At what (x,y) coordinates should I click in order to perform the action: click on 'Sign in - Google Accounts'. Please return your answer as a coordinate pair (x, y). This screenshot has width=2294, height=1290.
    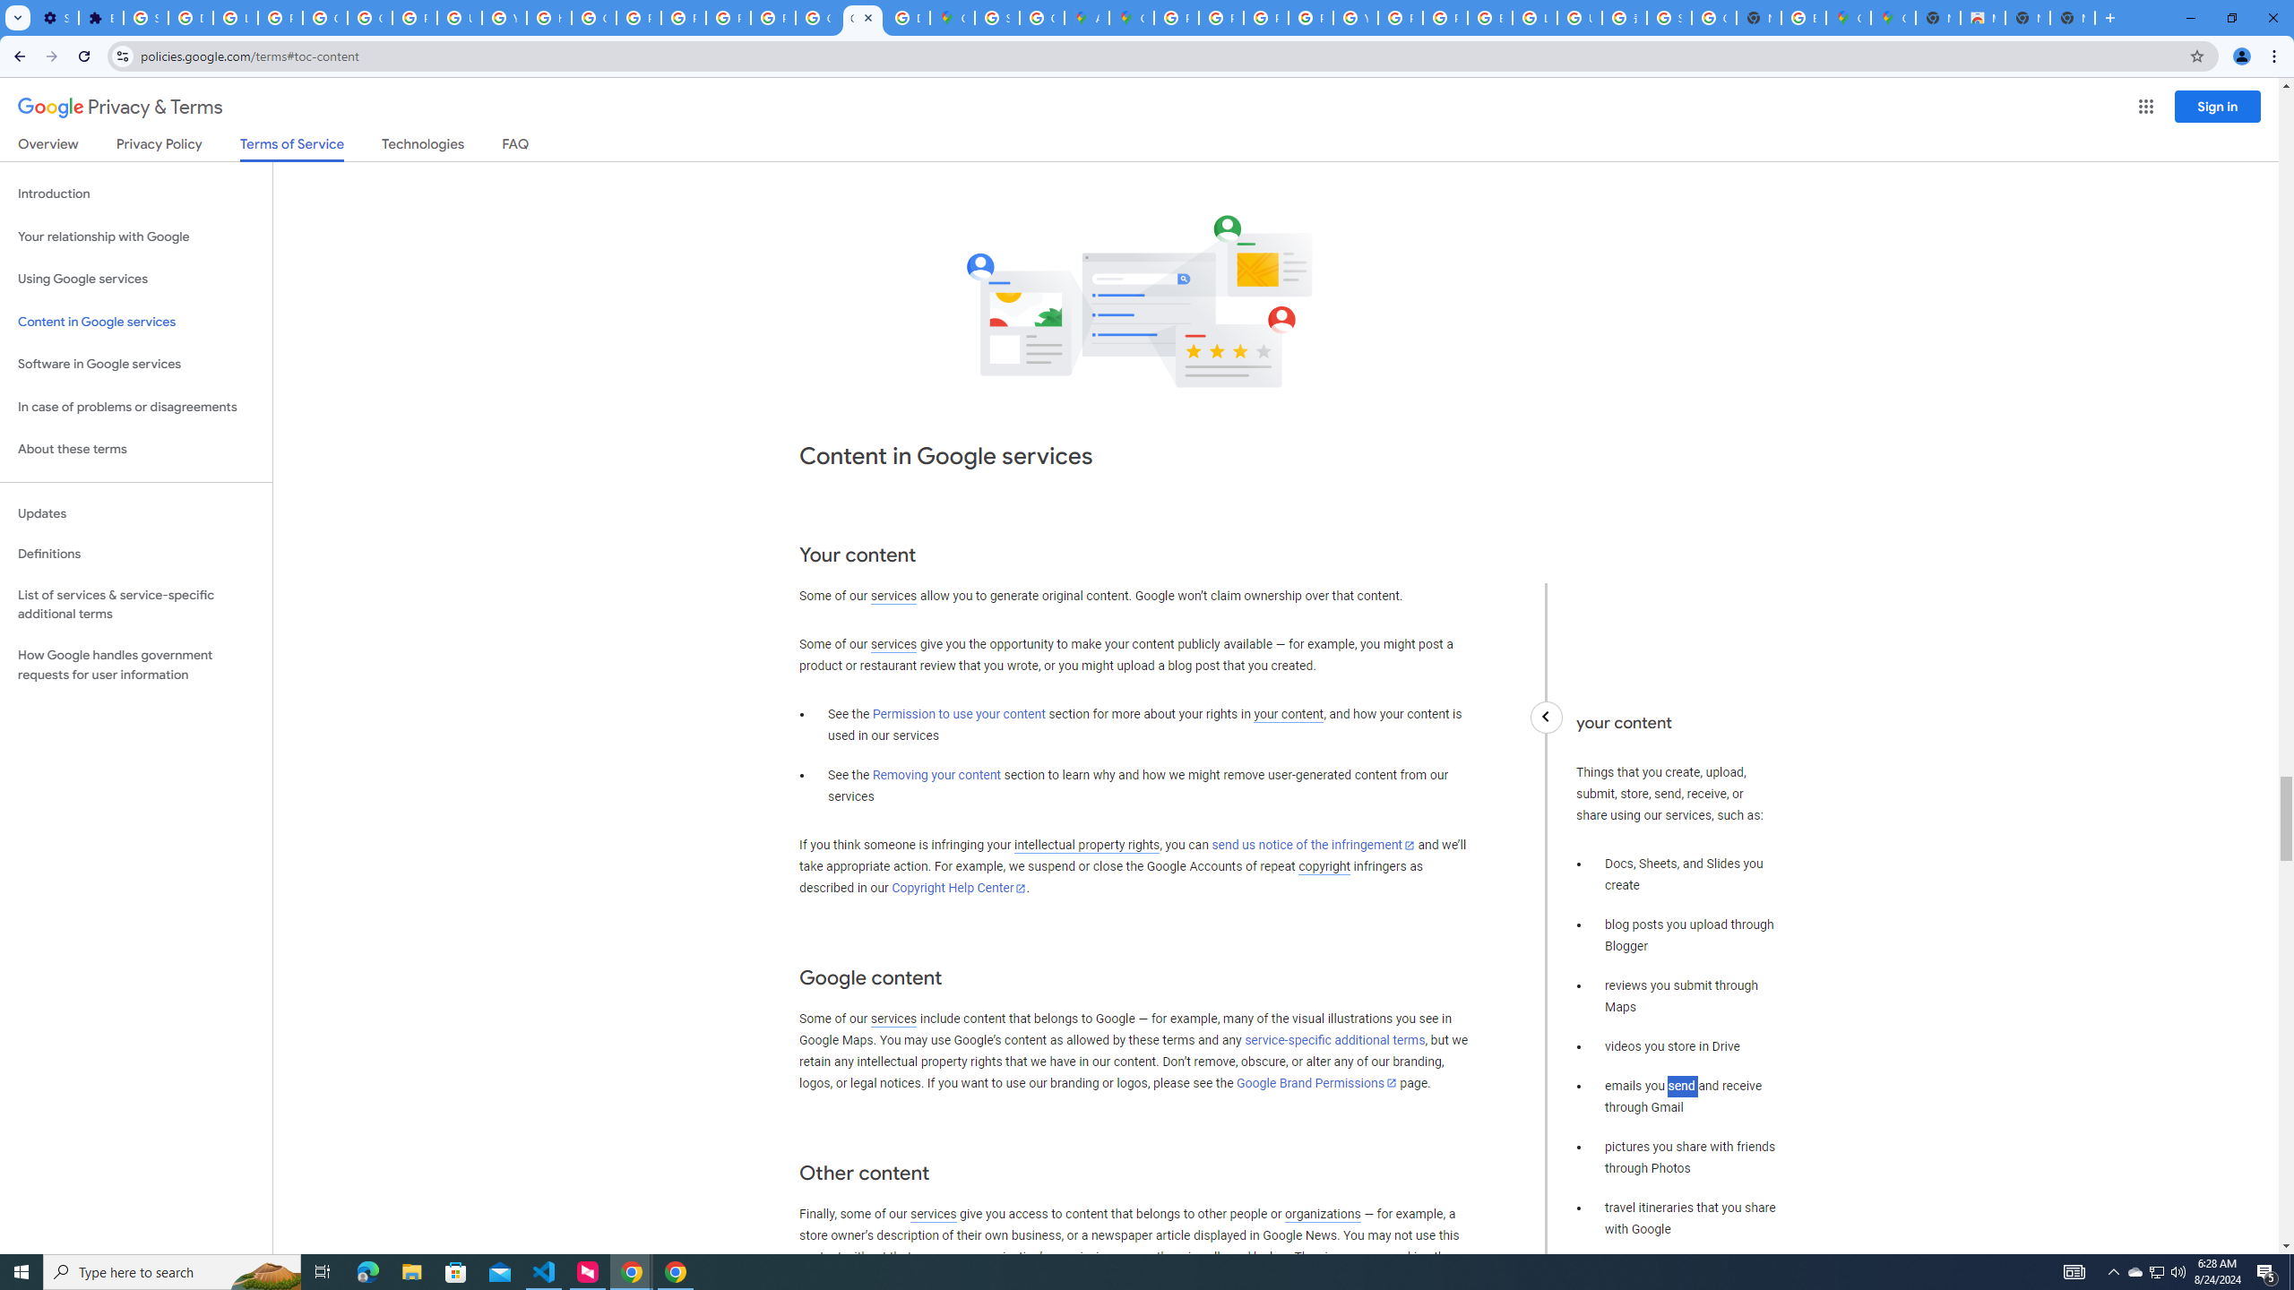
    Looking at the image, I should click on (145, 17).